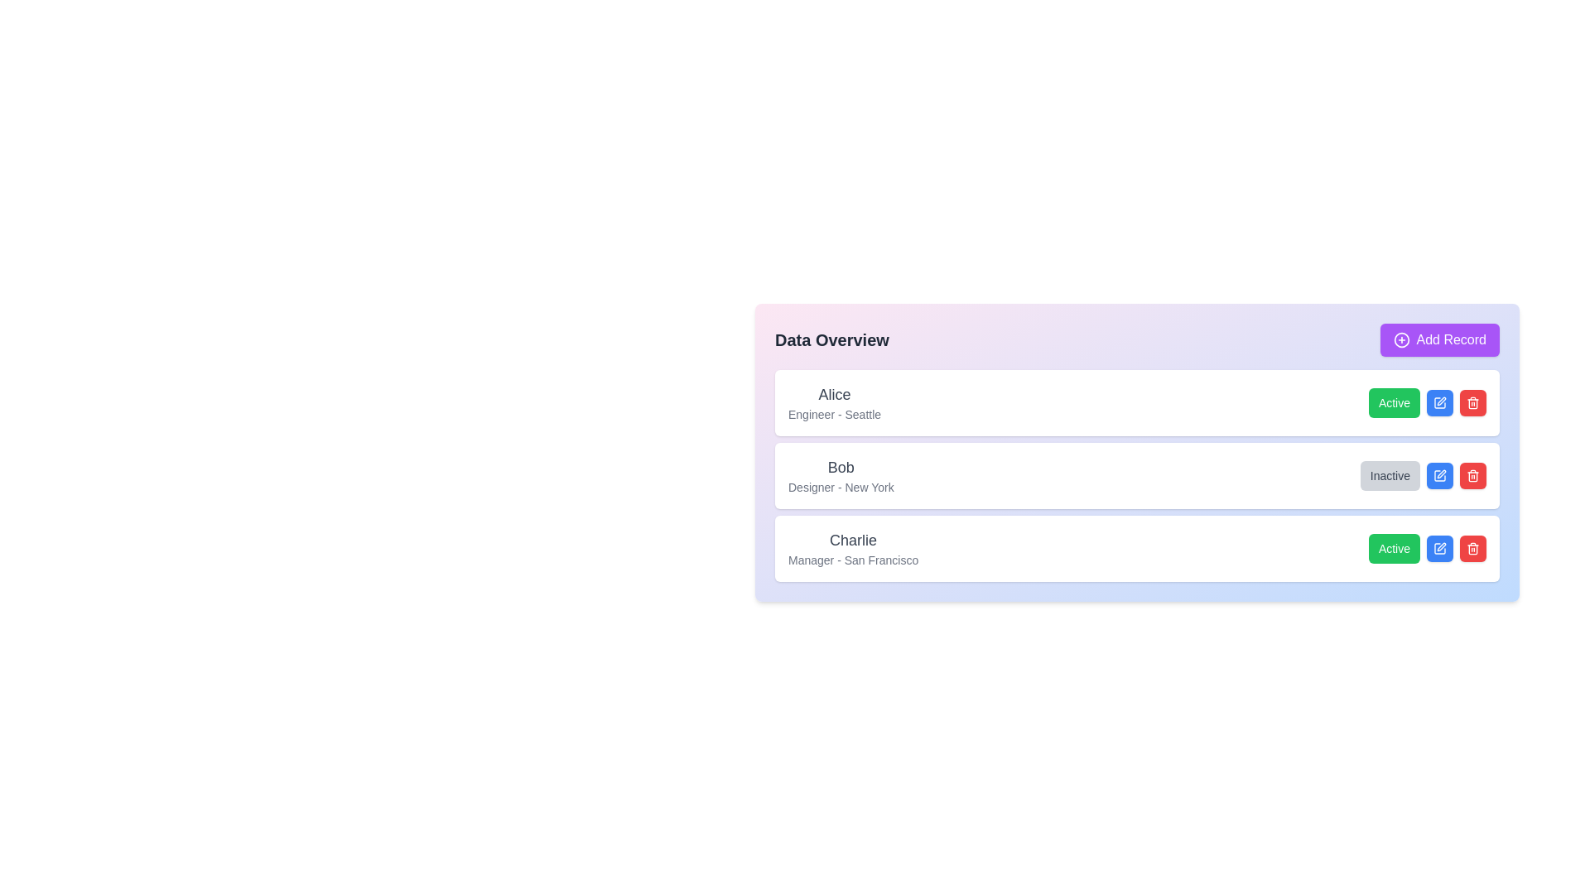 The width and height of the screenshot is (1590, 894). Describe the element at coordinates (1136, 549) in the screenshot. I see `the card element with the title 'Charlie', which is the third card in the vertical stack, displaying a white background, rounded corners, and a green 'Active' button` at that location.